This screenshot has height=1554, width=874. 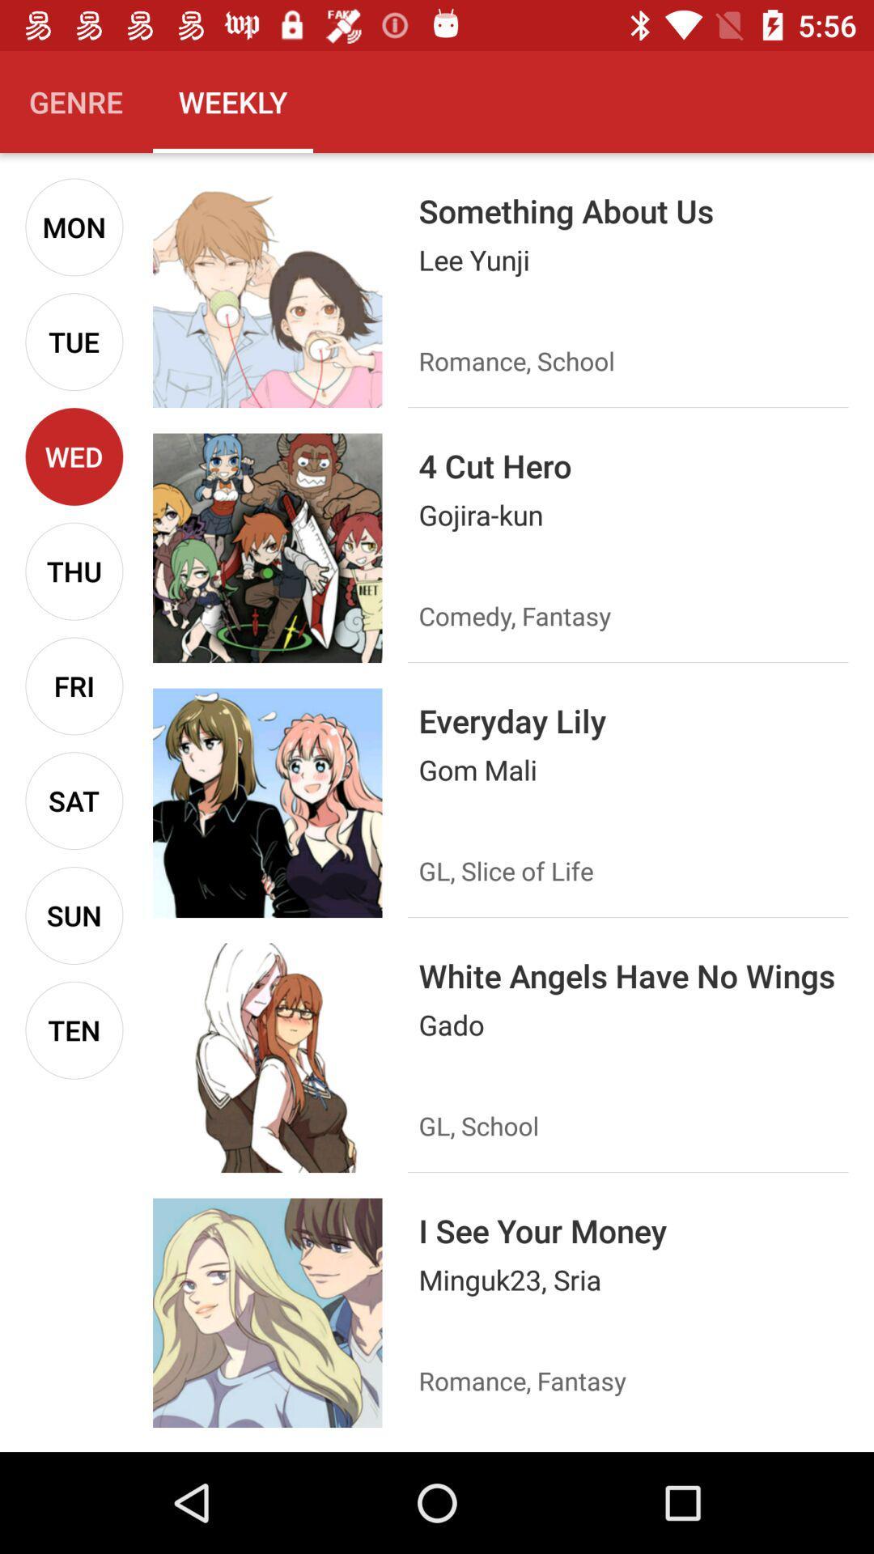 I want to click on the fri, so click(x=74, y=686).